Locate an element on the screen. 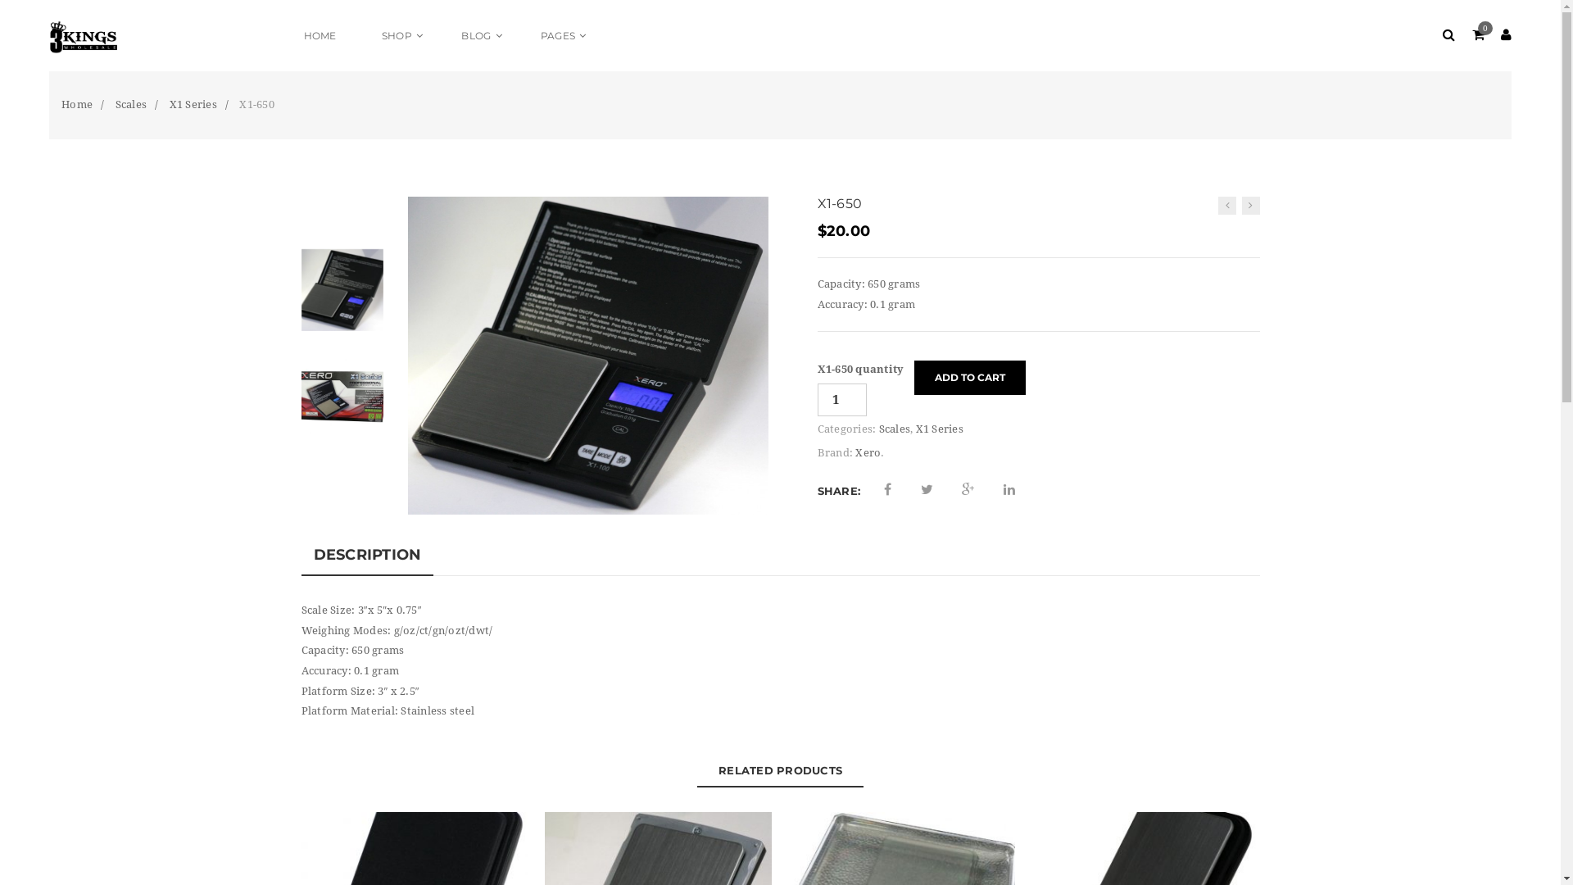  'X1 Series' is located at coordinates (940, 428).